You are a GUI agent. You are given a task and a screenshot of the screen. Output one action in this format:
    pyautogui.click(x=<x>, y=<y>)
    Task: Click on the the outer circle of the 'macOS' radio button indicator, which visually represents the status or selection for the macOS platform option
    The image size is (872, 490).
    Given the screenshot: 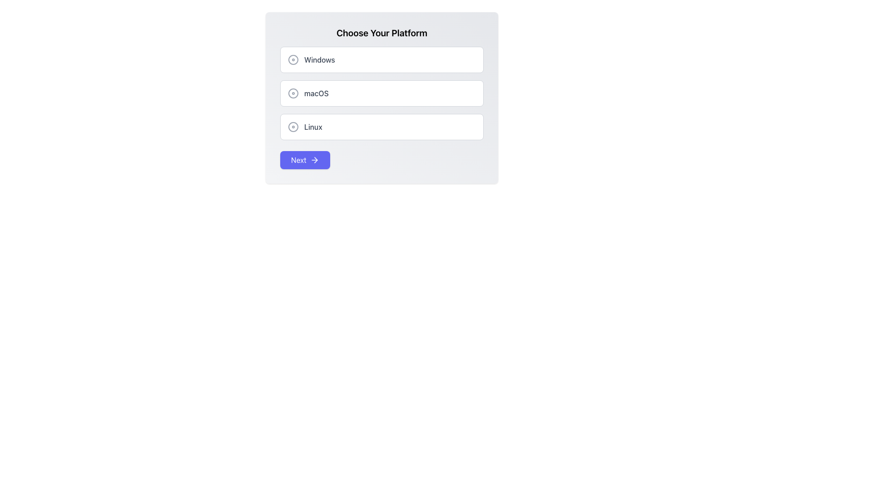 What is the action you would take?
    pyautogui.click(x=293, y=93)
    